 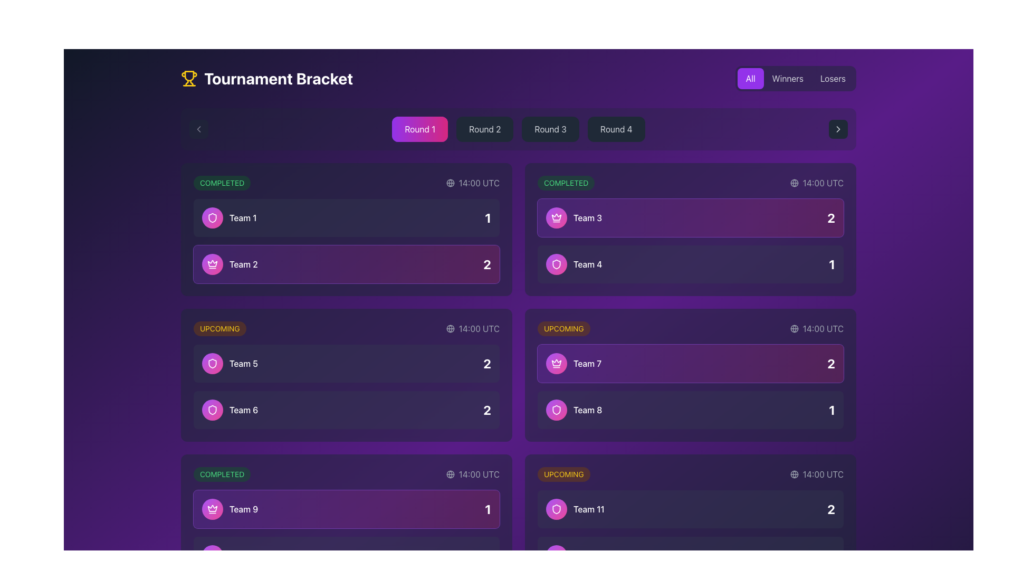 I want to click on the graphical representation of the circular SVG element within the globe icon located near the '14:00 UTC' text label in the tournament layout, so click(x=794, y=183).